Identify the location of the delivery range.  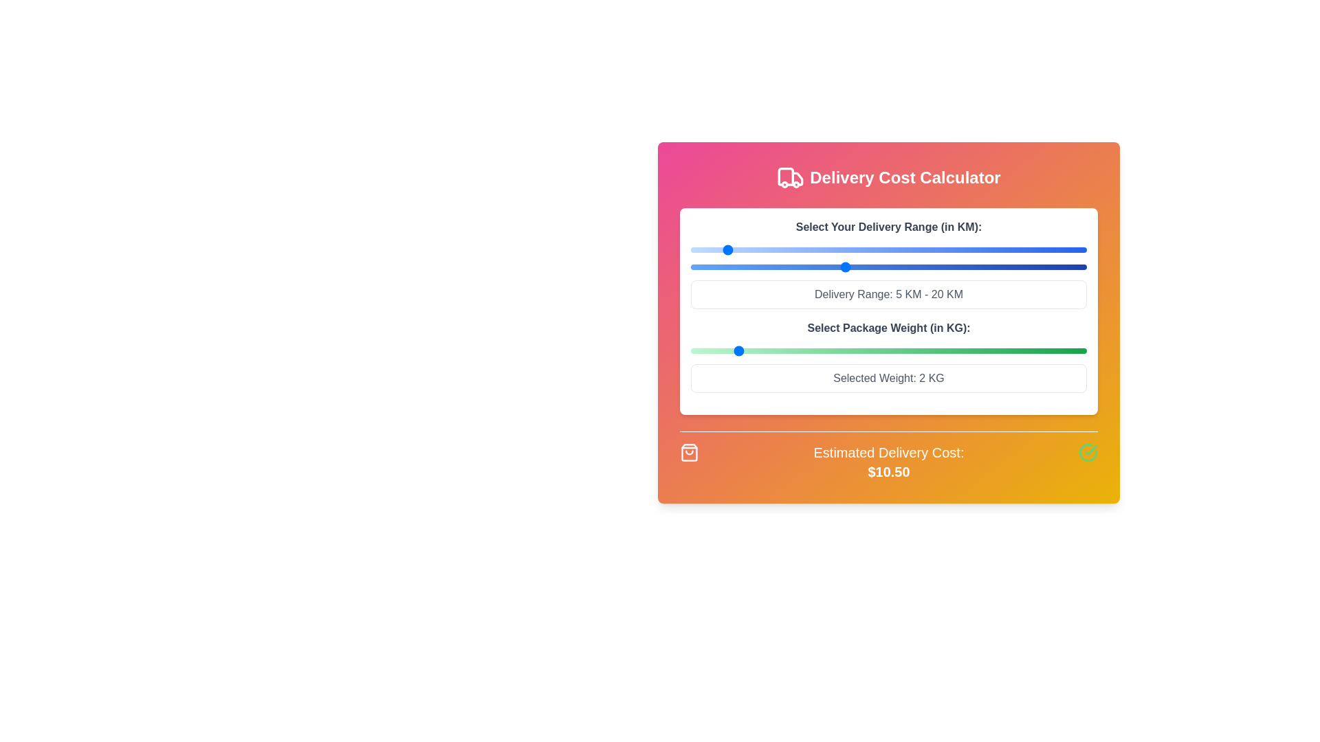
(940, 249).